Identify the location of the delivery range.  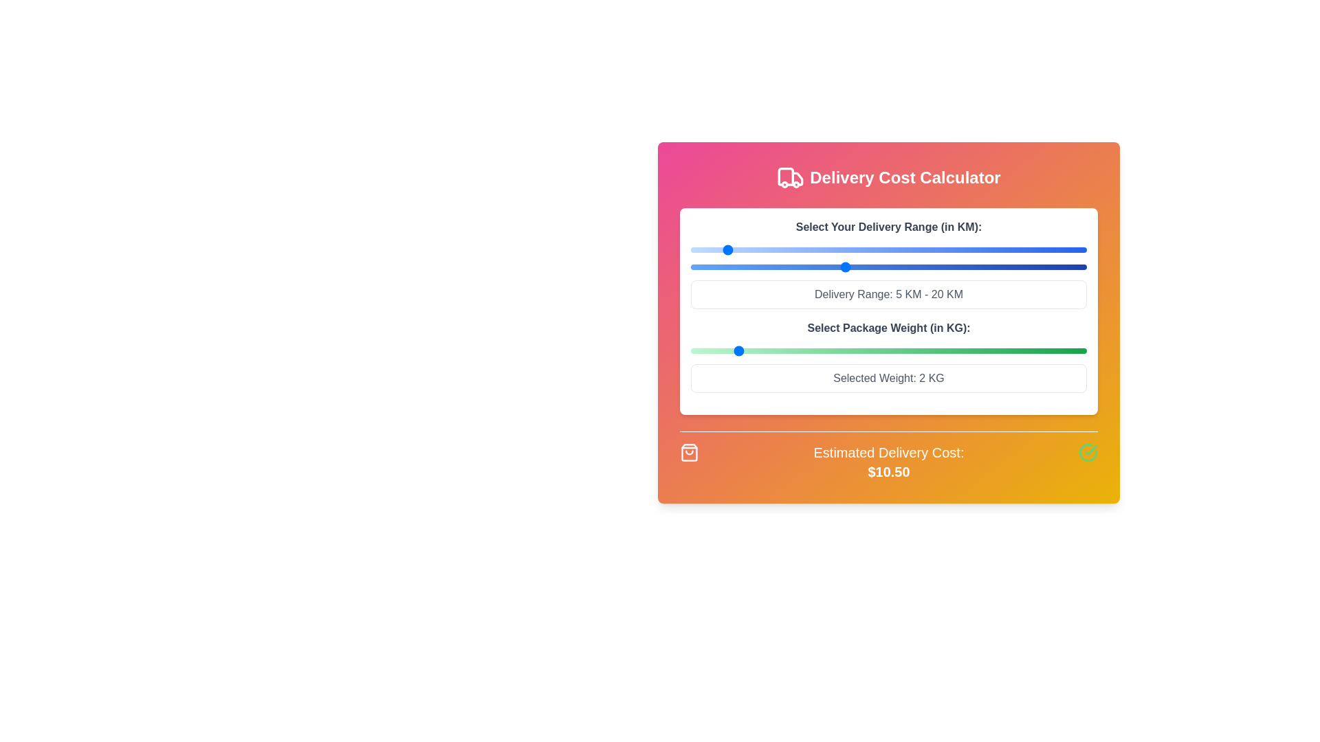
(940, 249).